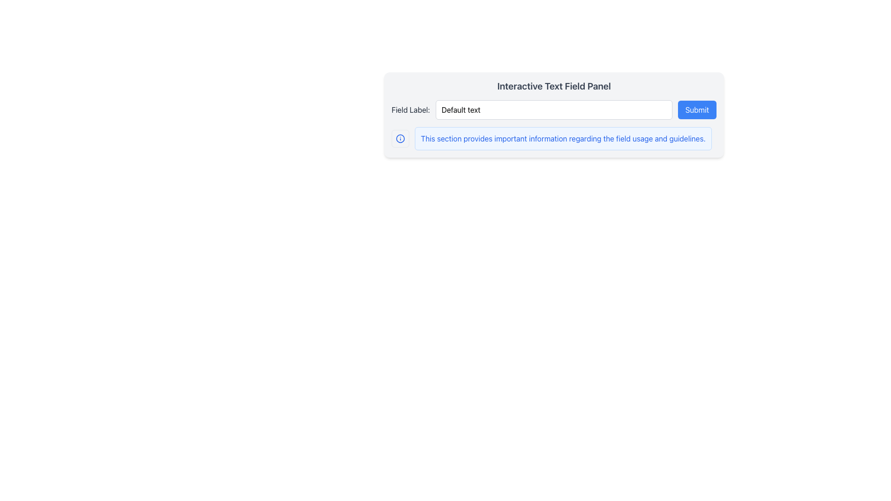 The width and height of the screenshot is (891, 501). What do you see at coordinates (400, 139) in the screenshot?
I see `SVG Circle Element with a white center and blue border, located to the left of the 'Field Label:' text box` at bounding box center [400, 139].